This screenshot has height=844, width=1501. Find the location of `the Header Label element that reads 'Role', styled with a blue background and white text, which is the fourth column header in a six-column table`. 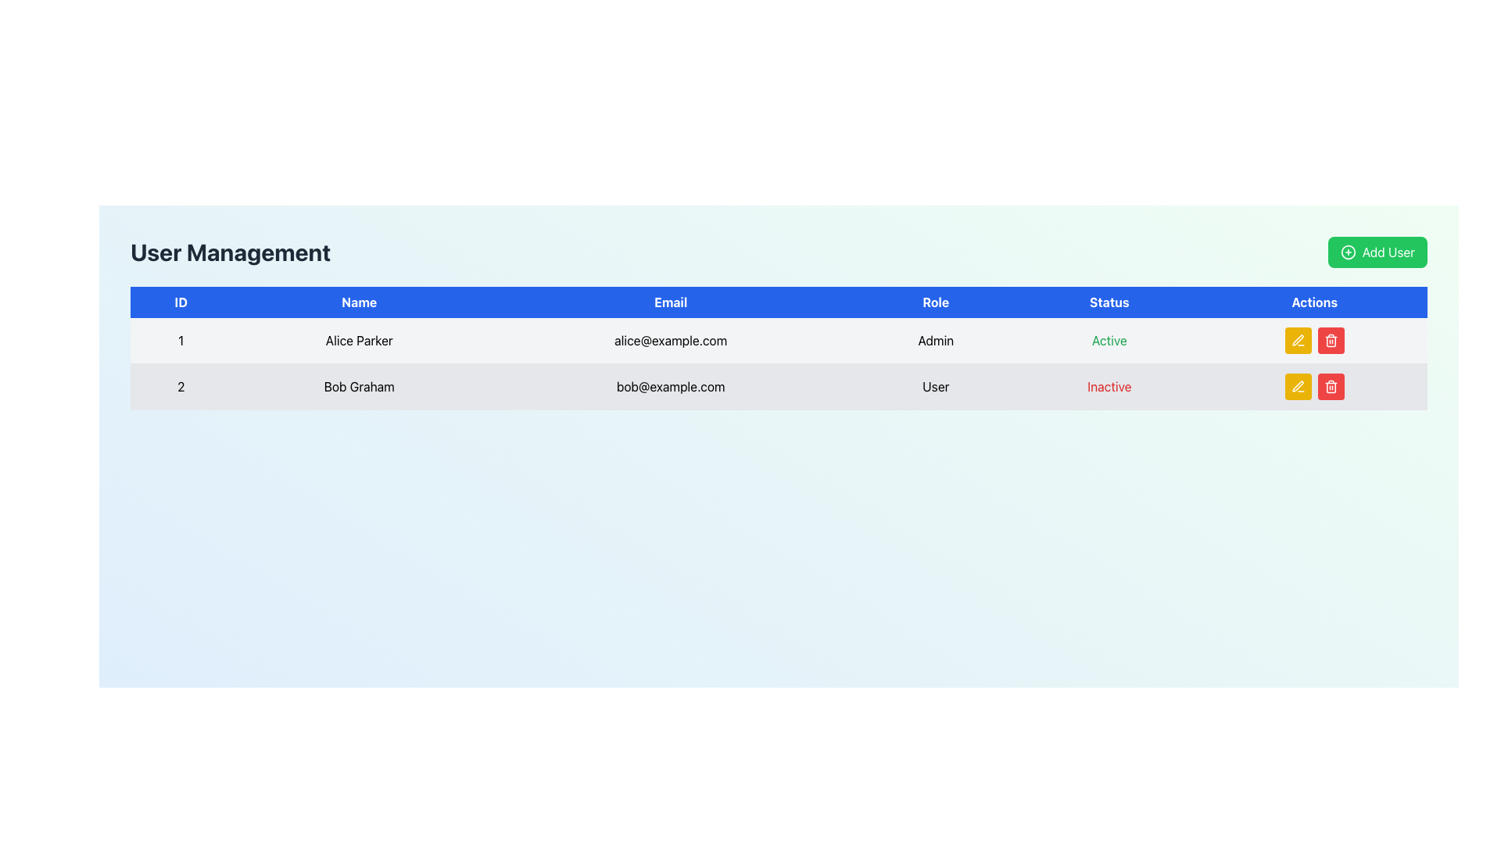

the Header Label element that reads 'Role', styled with a blue background and white text, which is the fourth column header in a six-column table is located at coordinates (936, 302).